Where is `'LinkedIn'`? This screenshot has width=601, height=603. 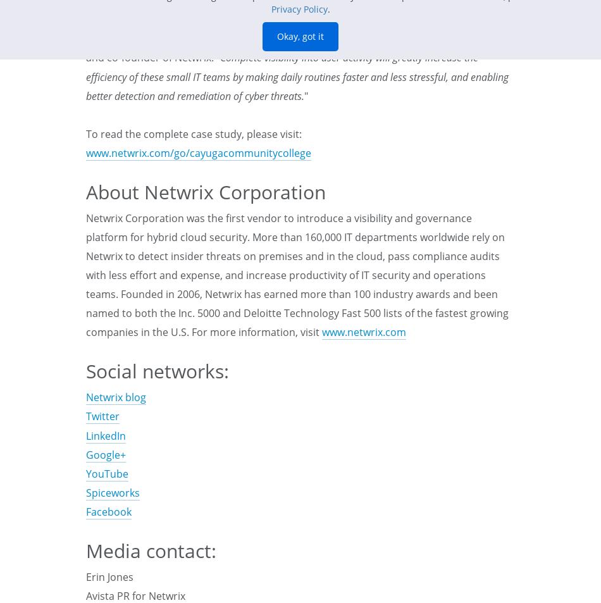
'LinkedIn' is located at coordinates (106, 435).